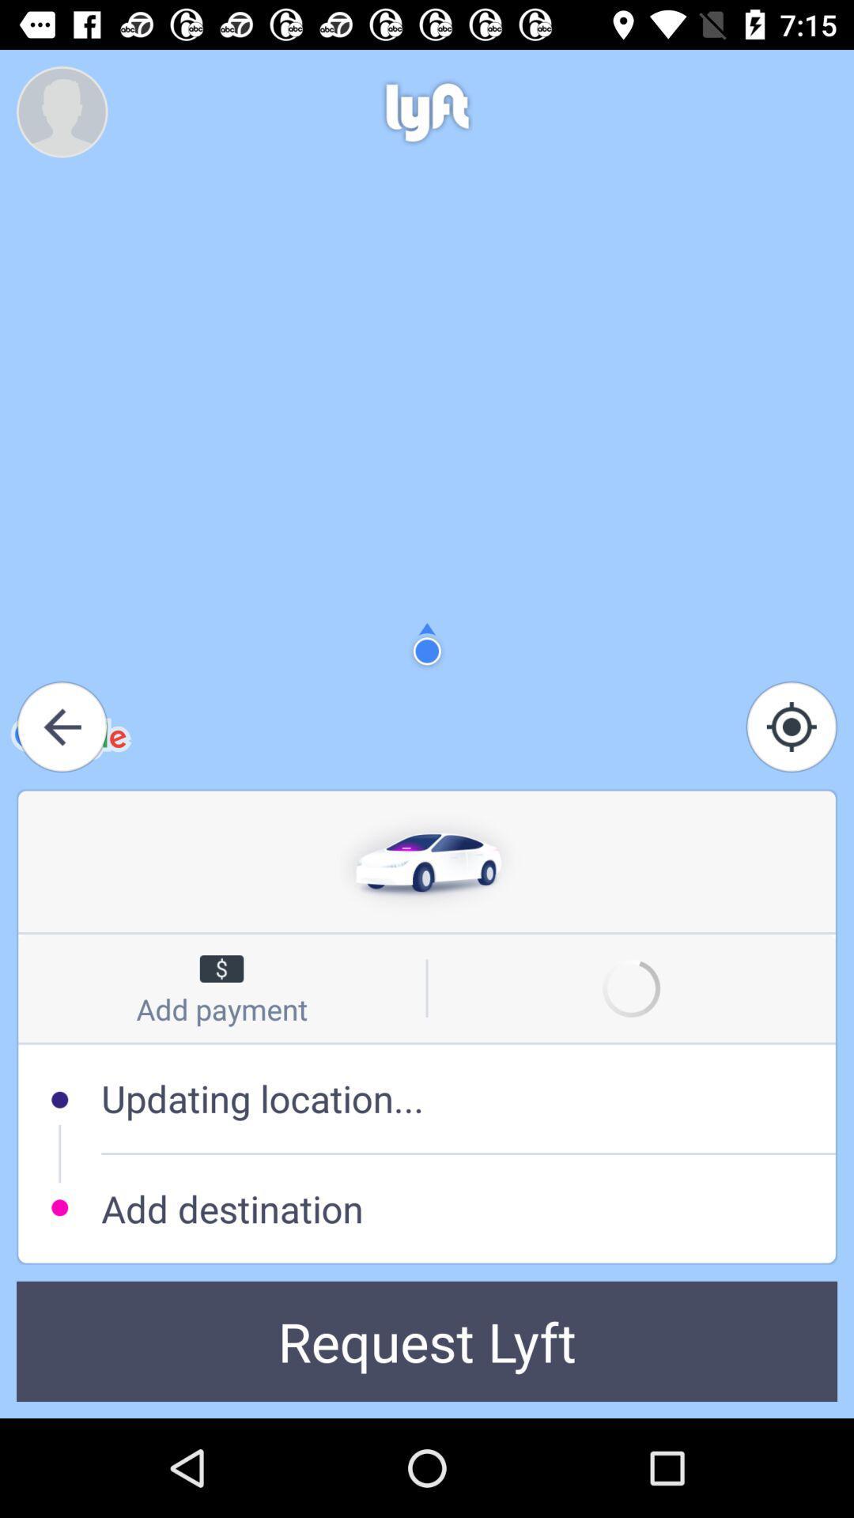 The width and height of the screenshot is (854, 1518). Describe the element at coordinates (61, 726) in the screenshot. I see `the arrow_backward icon` at that location.